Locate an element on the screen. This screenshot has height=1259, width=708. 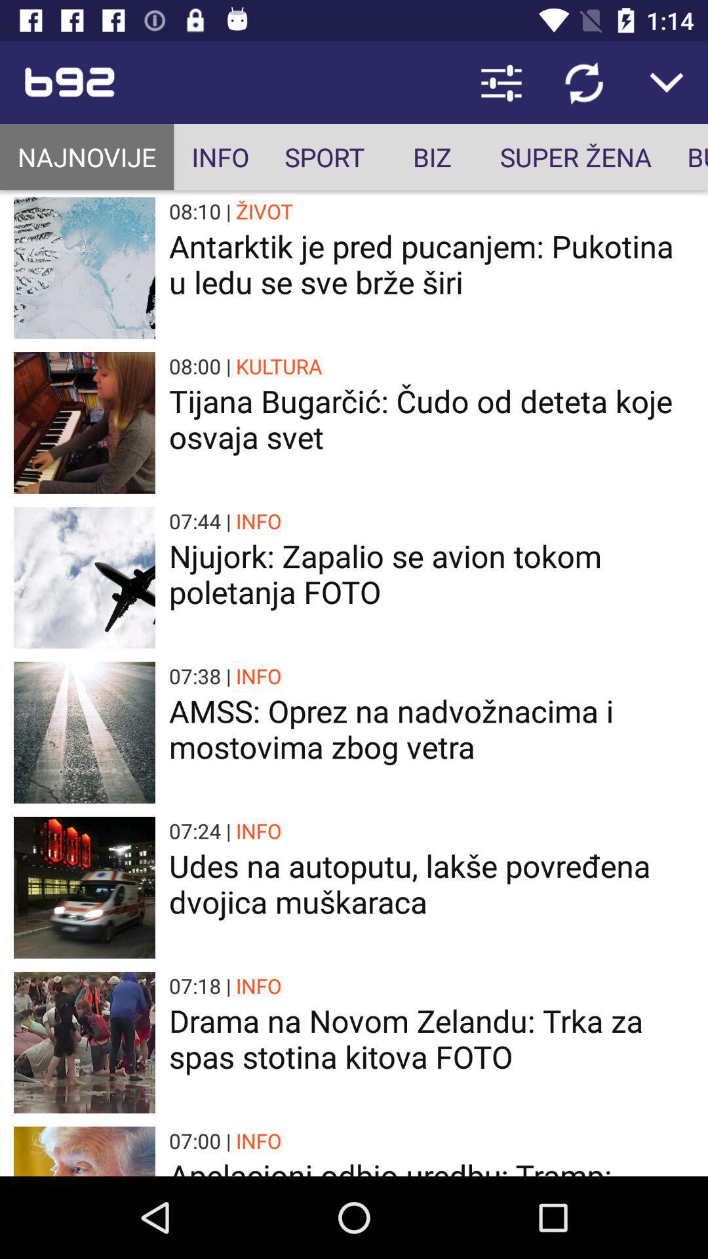
apelacioni odbio uredbu icon is located at coordinates (431, 1165).